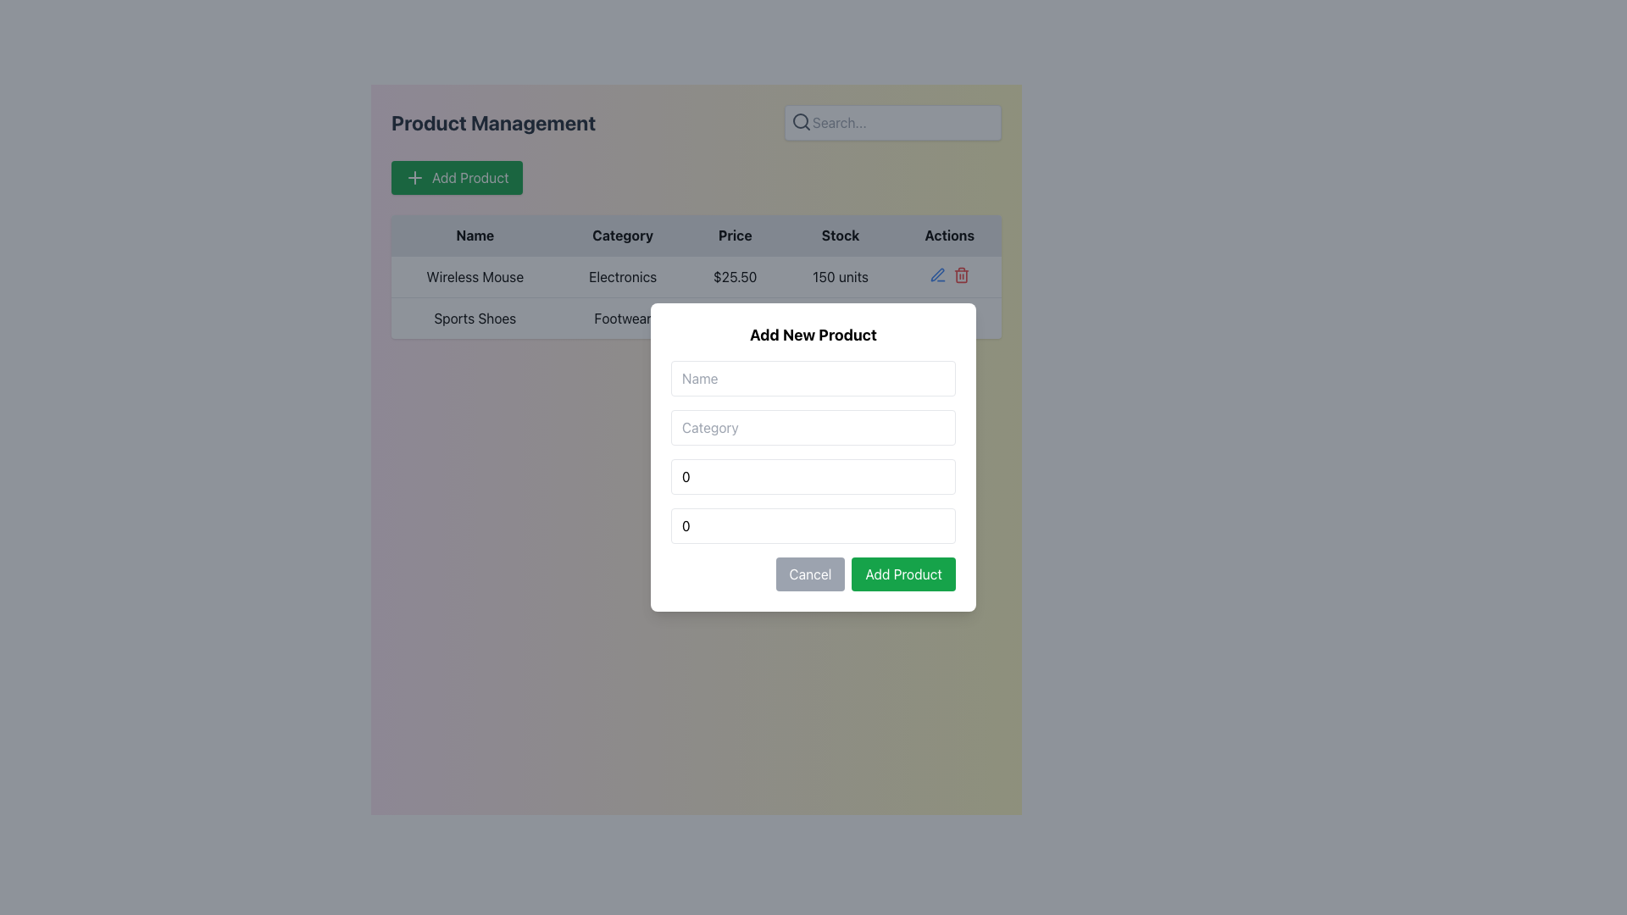  Describe the element at coordinates (696, 122) in the screenshot. I see `the search input field of the 'Product Management' section` at that location.